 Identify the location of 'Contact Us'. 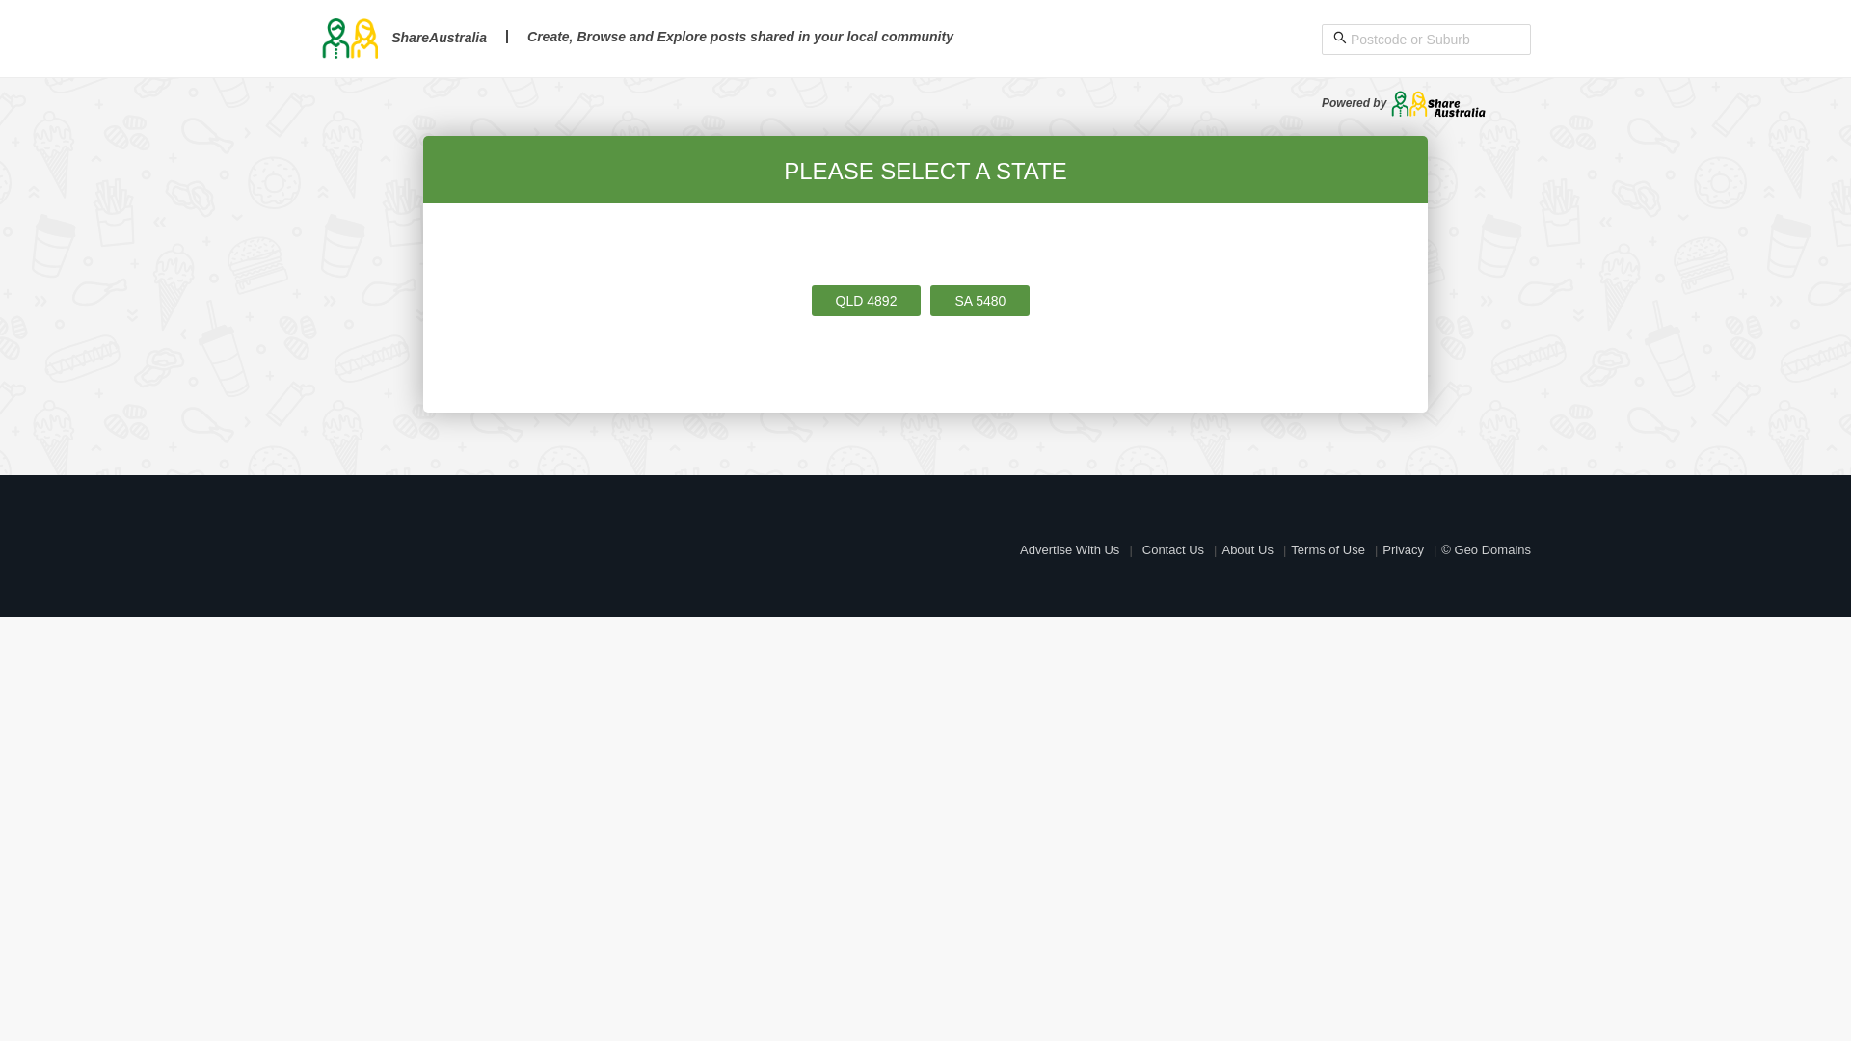
(1172, 549).